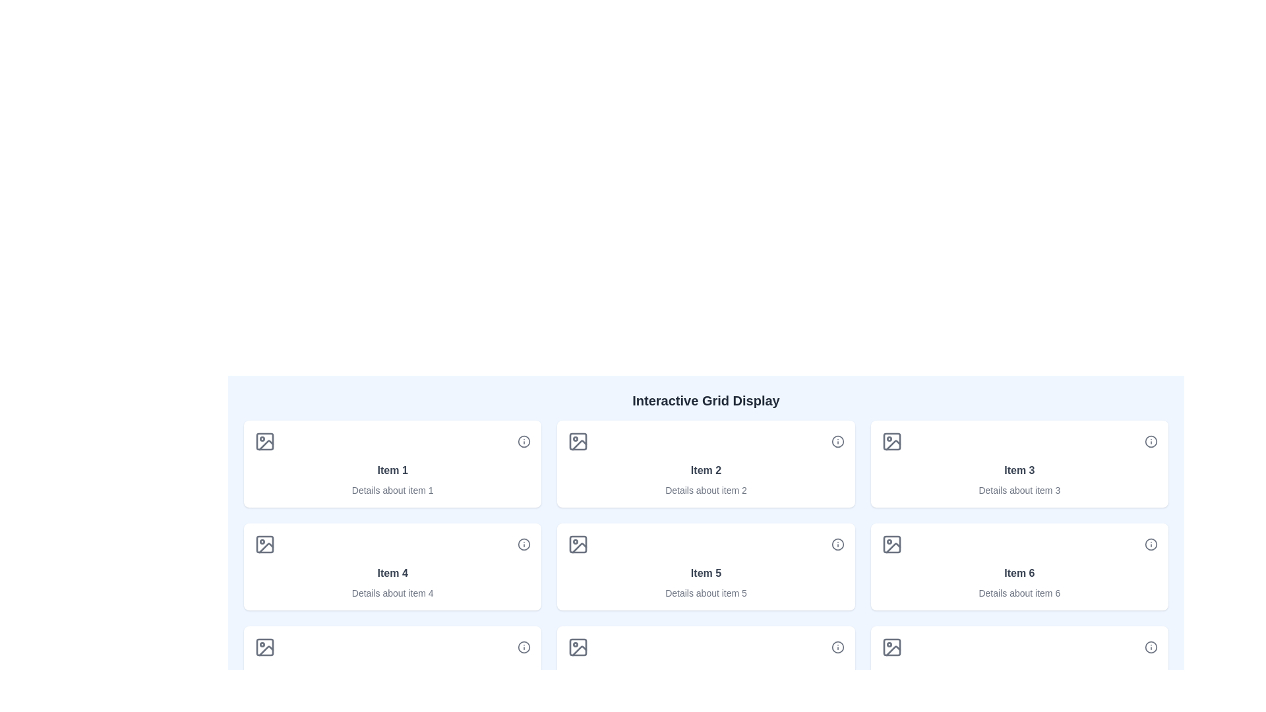  I want to click on the rectangular graphical component with soft rounded corners located in the upper right of the card labeled 'Item 3' within a grid layout, so click(891, 442).